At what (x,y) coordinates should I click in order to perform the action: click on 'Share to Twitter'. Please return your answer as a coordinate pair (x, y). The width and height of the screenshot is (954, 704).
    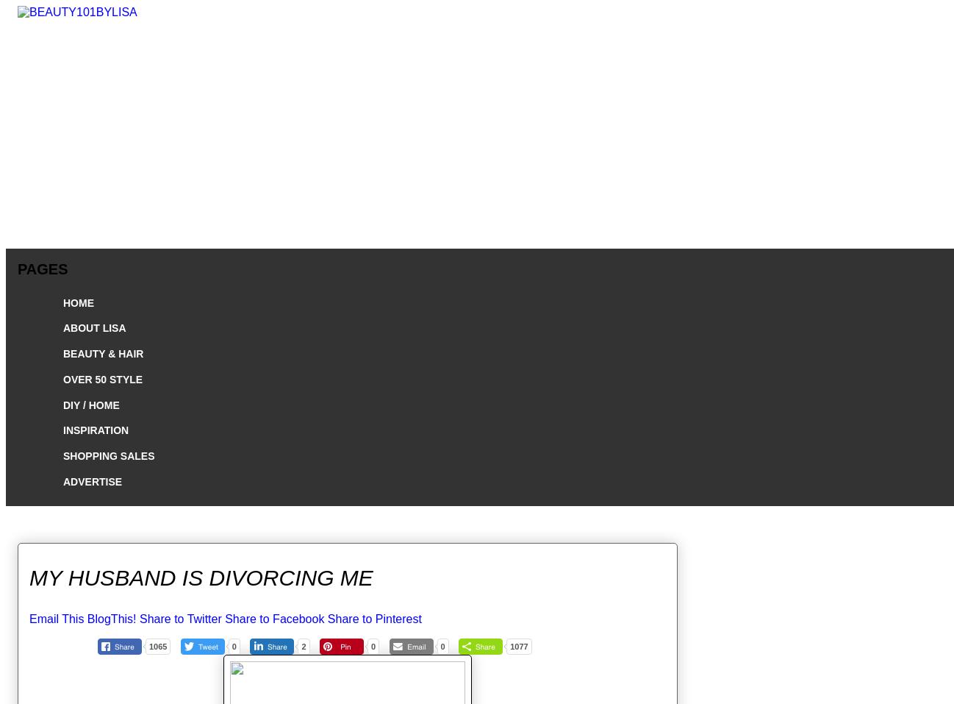
    Looking at the image, I should click on (137, 618).